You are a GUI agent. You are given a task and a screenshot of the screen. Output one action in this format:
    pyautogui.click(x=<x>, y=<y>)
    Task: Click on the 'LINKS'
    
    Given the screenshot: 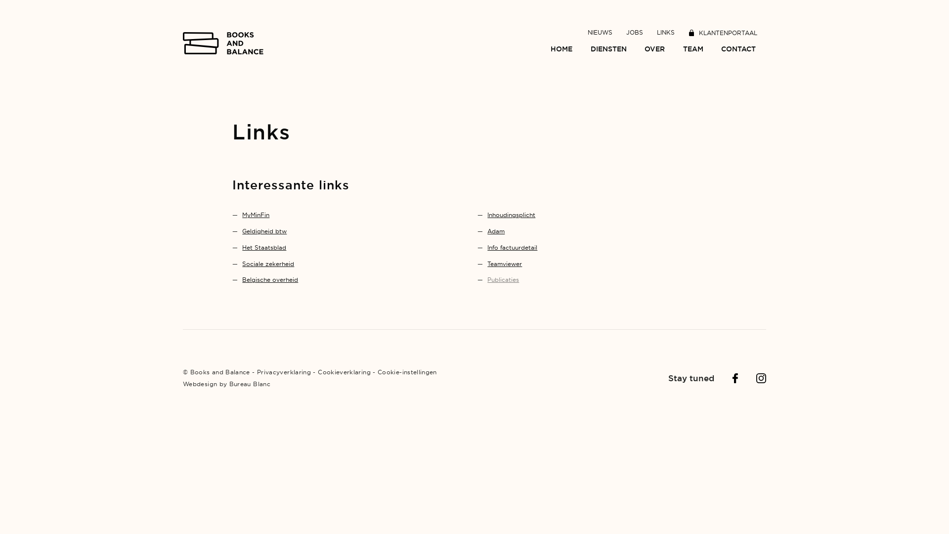 What is the action you would take?
    pyautogui.click(x=657, y=32)
    